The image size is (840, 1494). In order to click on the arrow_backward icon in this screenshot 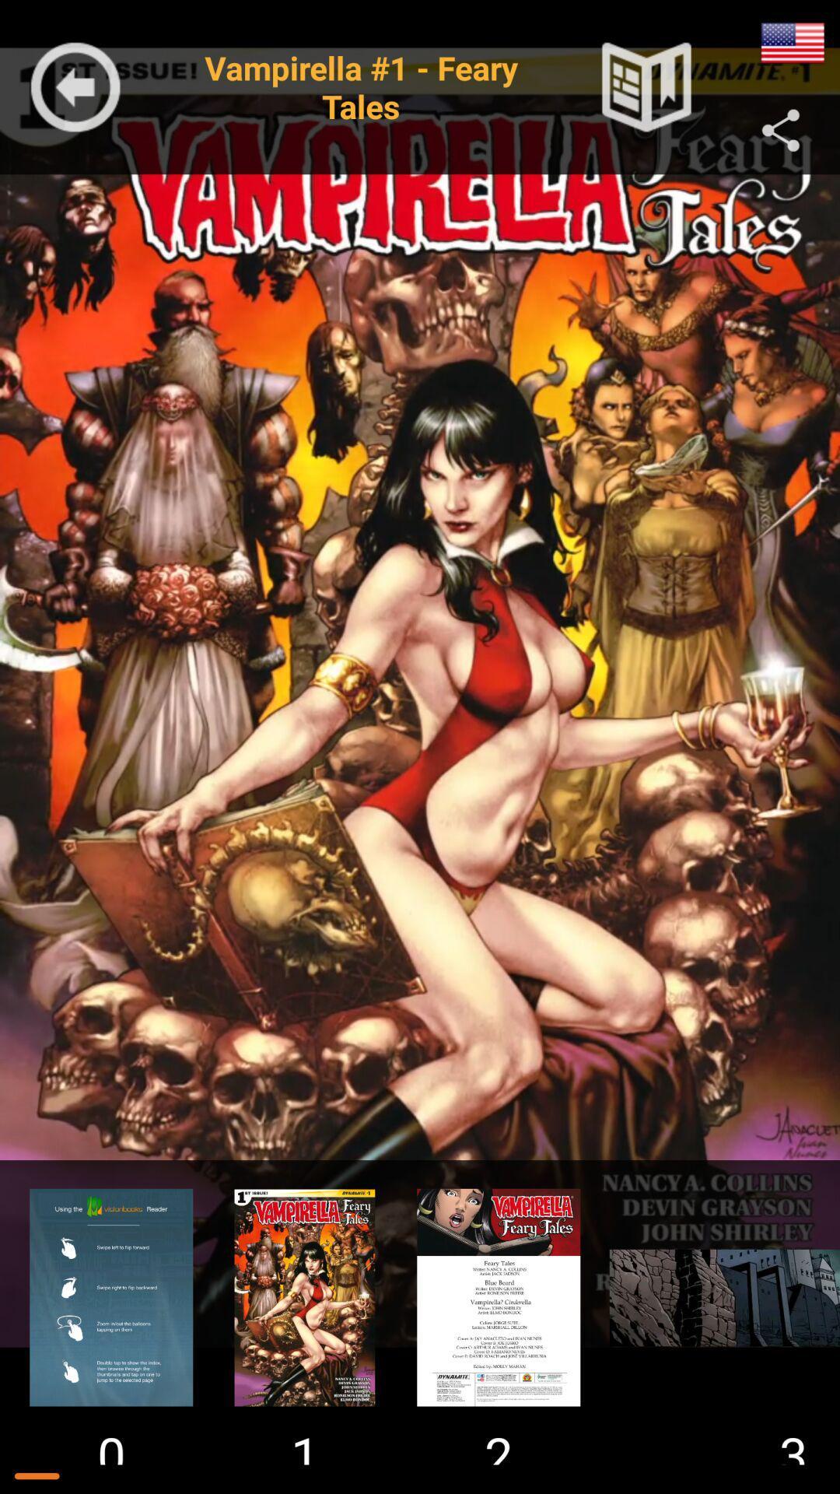, I will do `click(75, 86)`.